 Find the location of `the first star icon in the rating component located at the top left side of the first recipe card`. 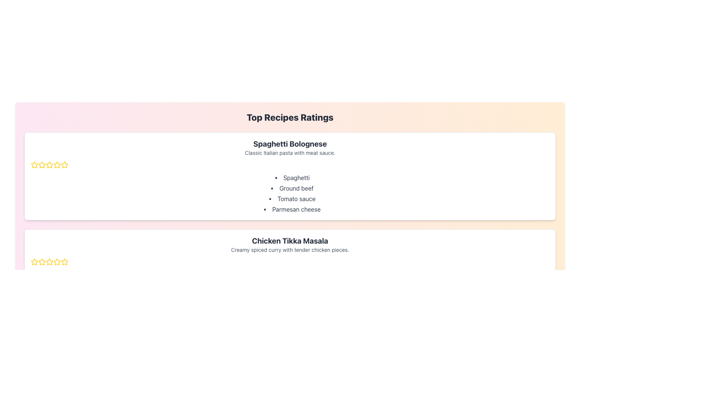

the first star icon in the rating component located at the top left side of the first recipe card is located at coordinates (34, 165).